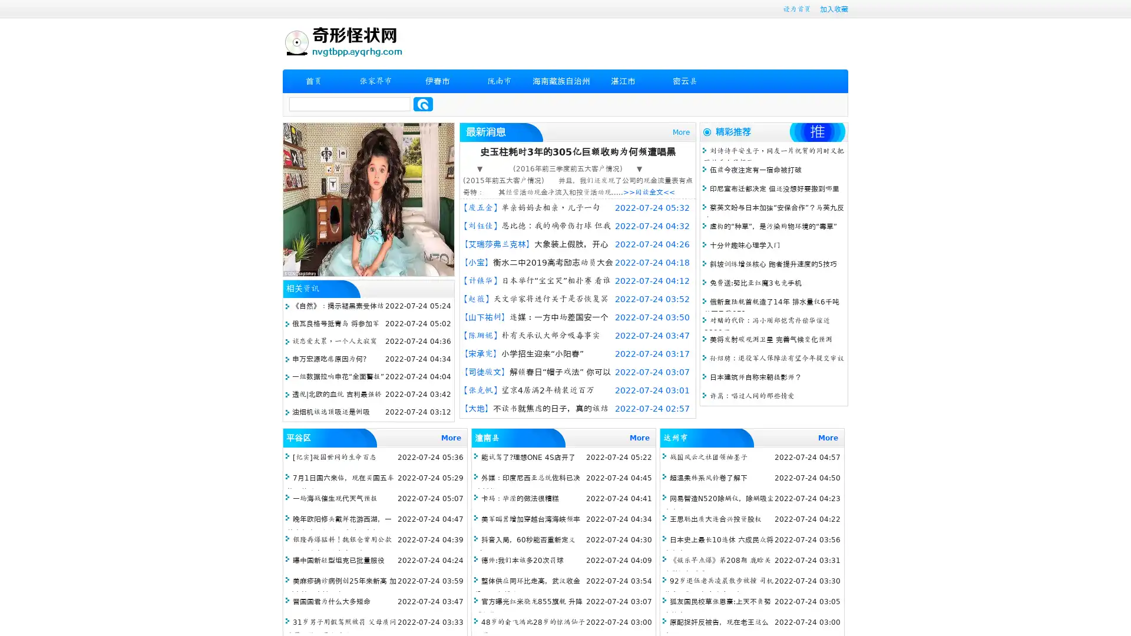  Describe the element at coordinates (423, 104) in the screenshot. I see `Search` at that location.